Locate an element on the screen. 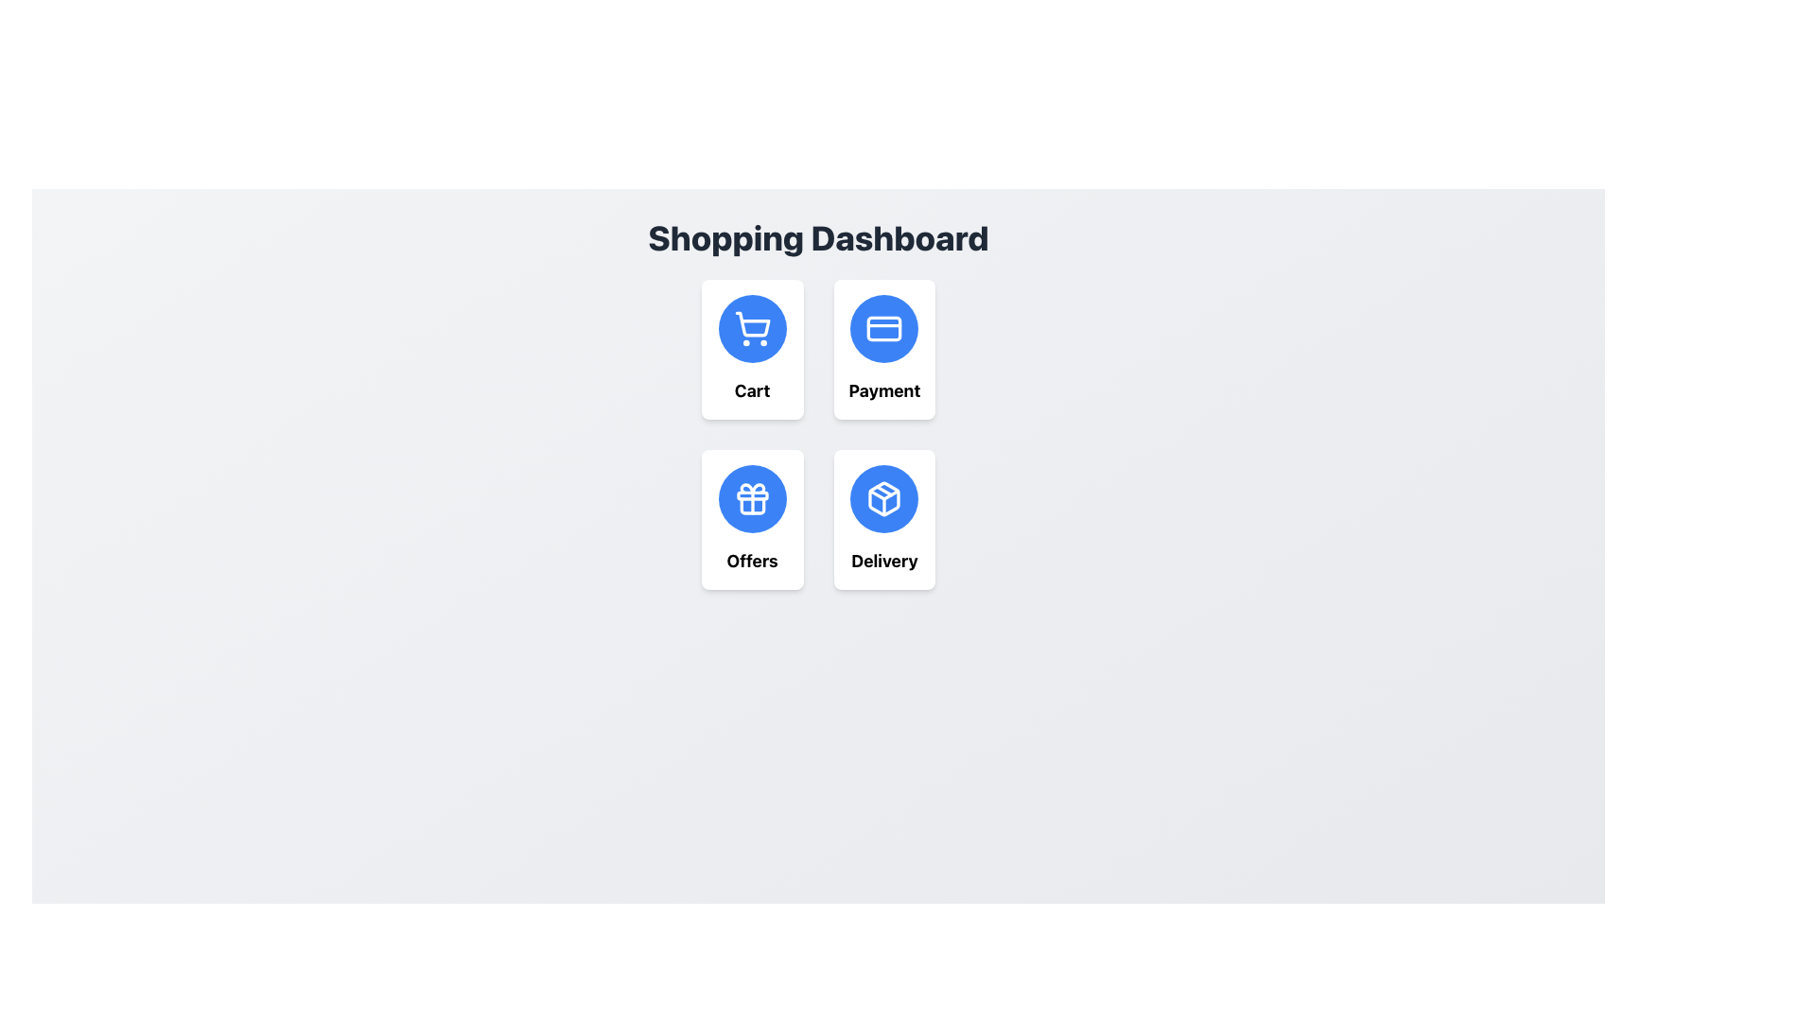 This screenshot has height=1021, width=1816. the 'Cart' icon located within the first card of the 2x2 grid below 'Shopping Dashboard' is located at coordinates (751, 327).